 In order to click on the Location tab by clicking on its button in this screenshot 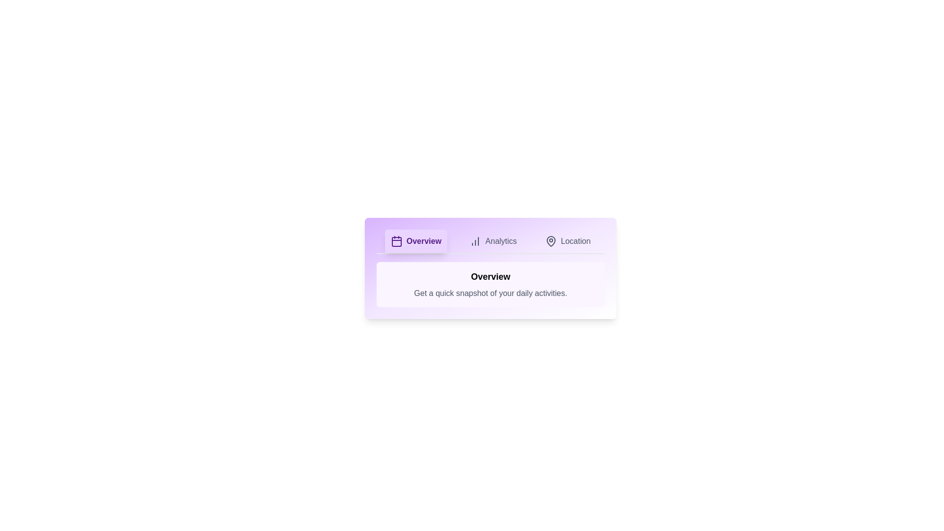, I will do `click(568, 241)`.